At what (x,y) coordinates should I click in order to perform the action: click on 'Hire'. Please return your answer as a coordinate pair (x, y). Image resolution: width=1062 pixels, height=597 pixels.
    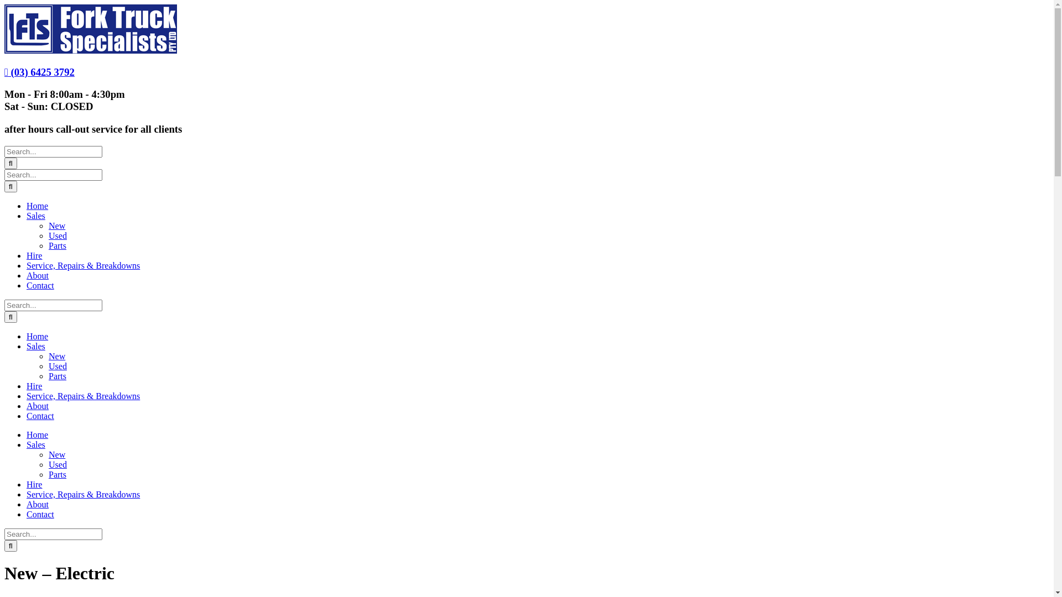
    Looking at the image, I should click on (34, 385).